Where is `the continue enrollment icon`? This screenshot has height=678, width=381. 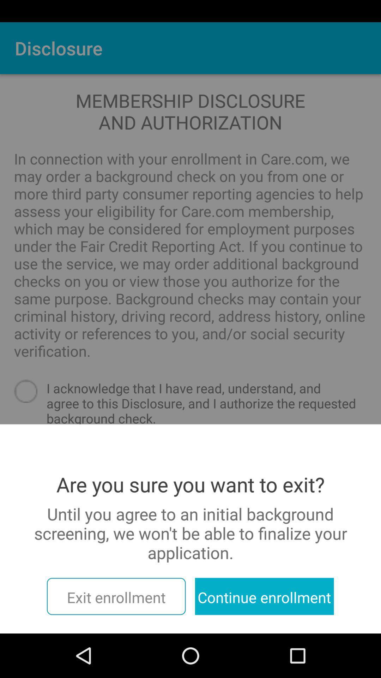 the continue enrollment icon is located at coordinates (264, 596).